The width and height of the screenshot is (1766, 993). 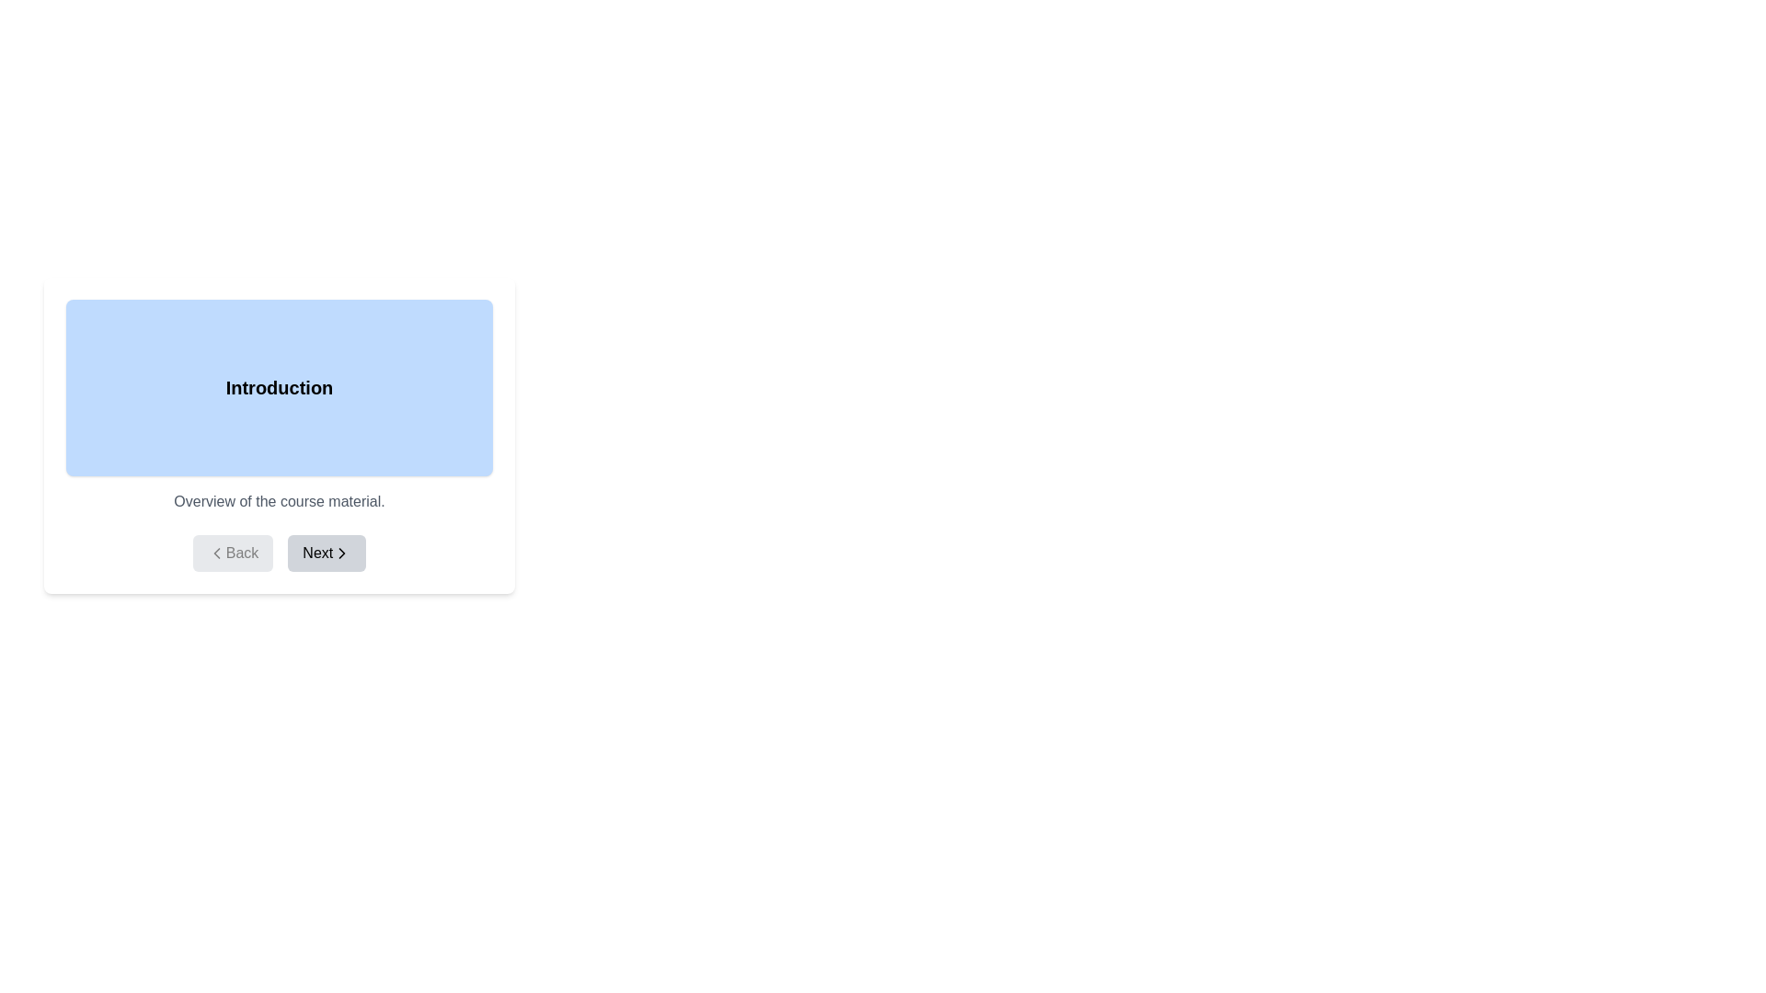 What do you see at coordinates (342, 552) in the screenshot?
I see `the right-facing chevron icon, which is styled in black with a minimalistic design and positioned immediately to the right of the 'Next' button` at bounding box center [342, 552].